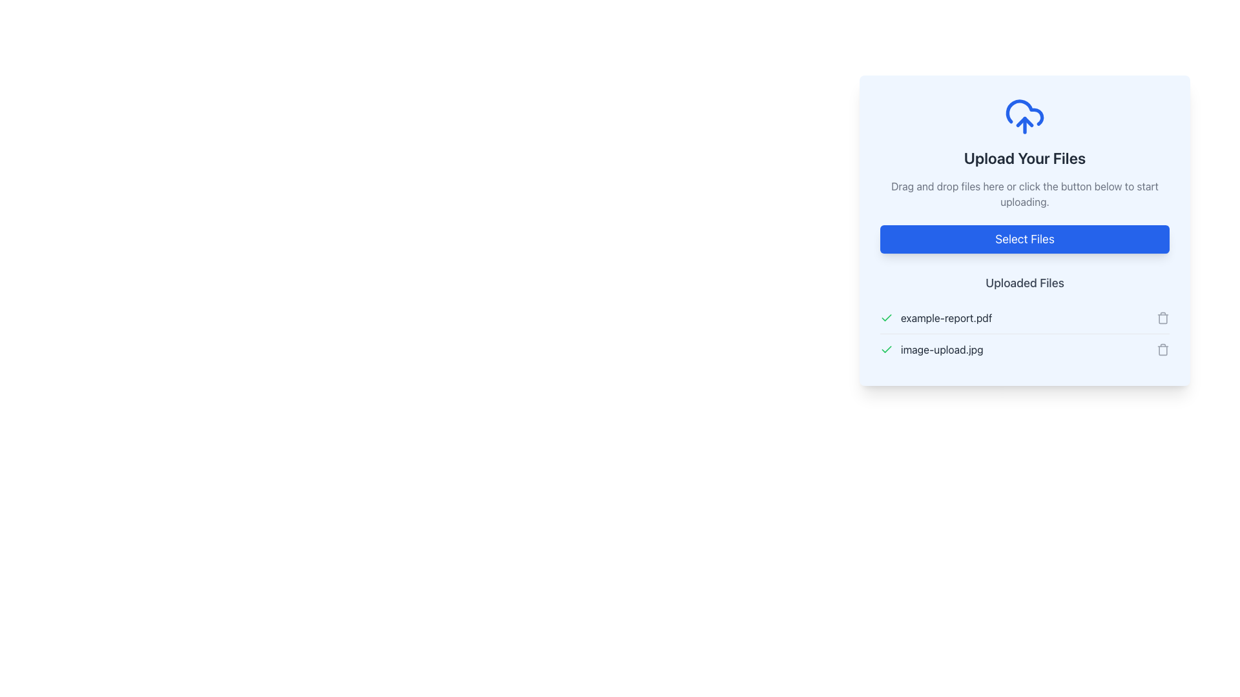 Image resolution: width=1240 pixels, height=697 pixels. Describe the element at coordinates (1024, 239) in the screenshot. I see `the button located centrally within the upload section of the dialog box` at that location.